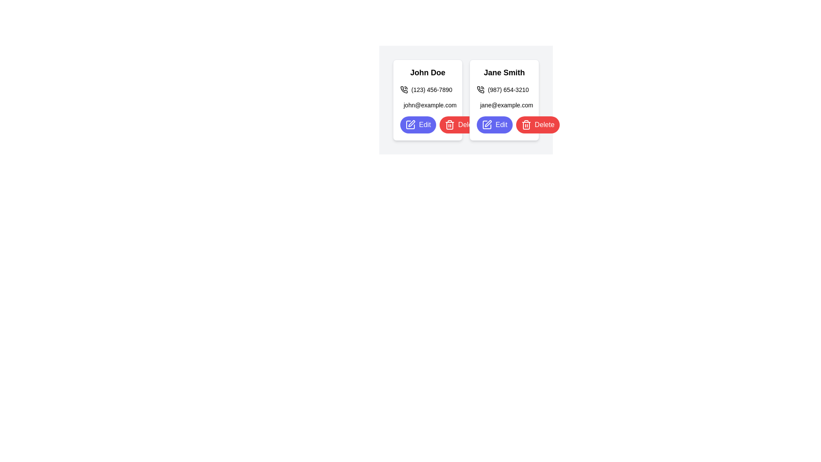 The image size is (821, 462). I want to click on the static text display showing the email address of Jane Smith, which is positioned below her phone number and above the buttons labeled 'Edit' and 'Delete', so click(504, 105).